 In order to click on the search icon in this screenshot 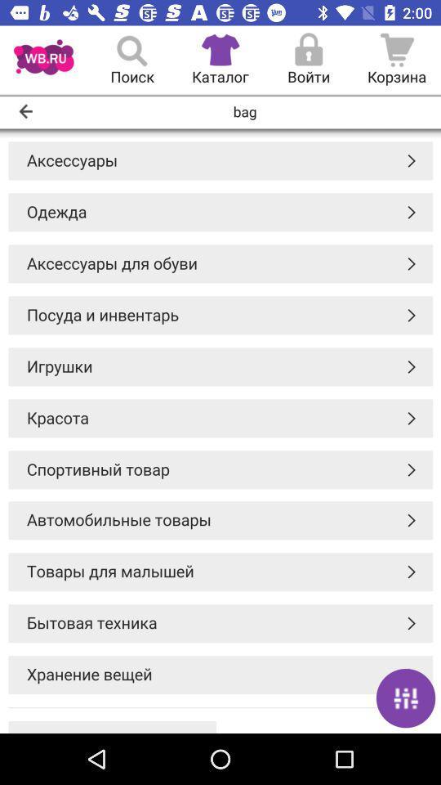, I will do `click(131, 60)`.